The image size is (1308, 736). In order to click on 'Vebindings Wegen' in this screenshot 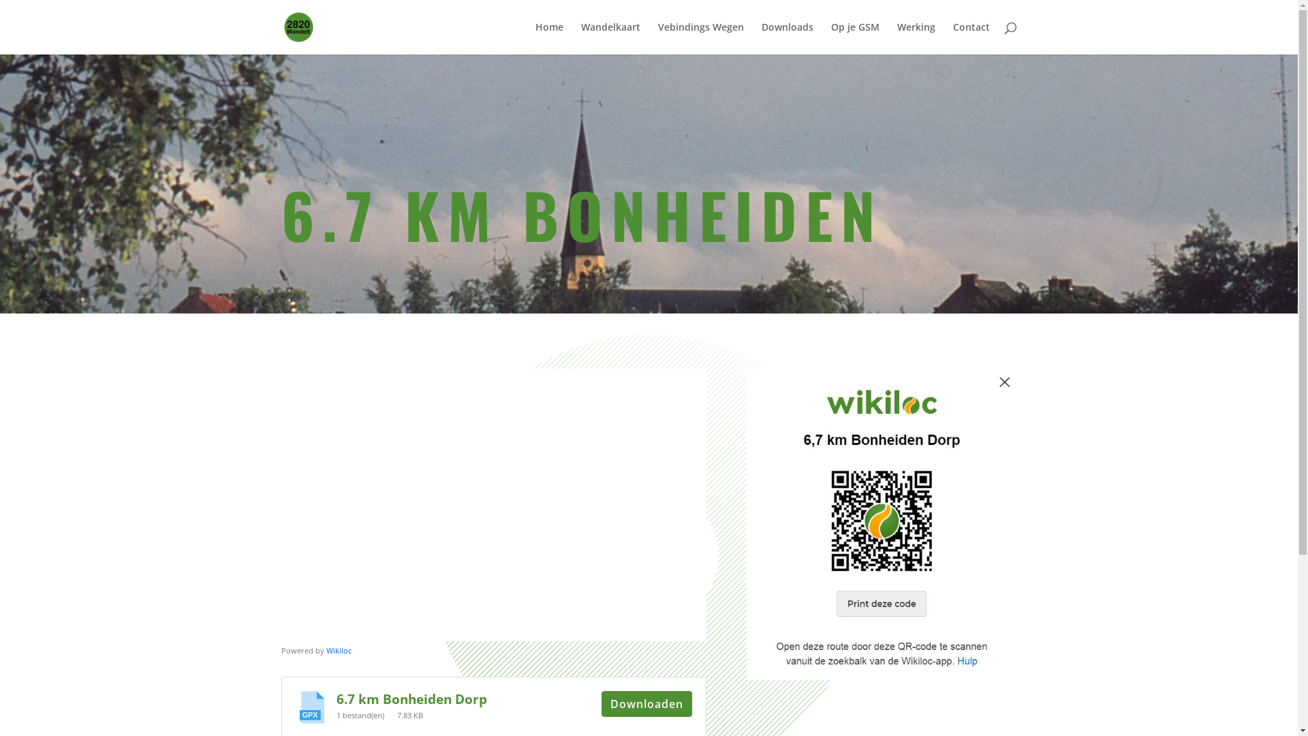, I will do `click(700, 37)`.